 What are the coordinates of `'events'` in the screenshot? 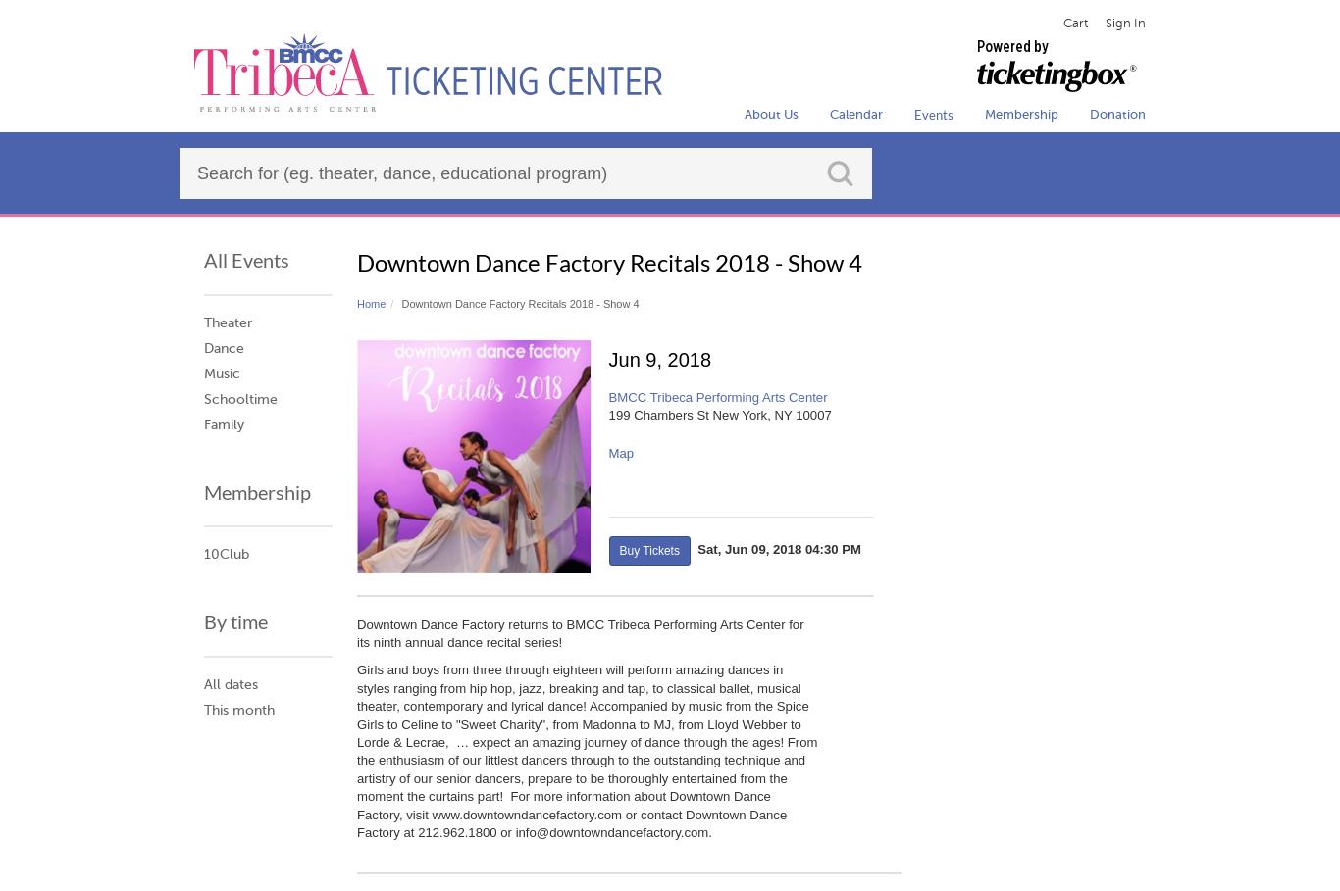 It's located at (933, 114).